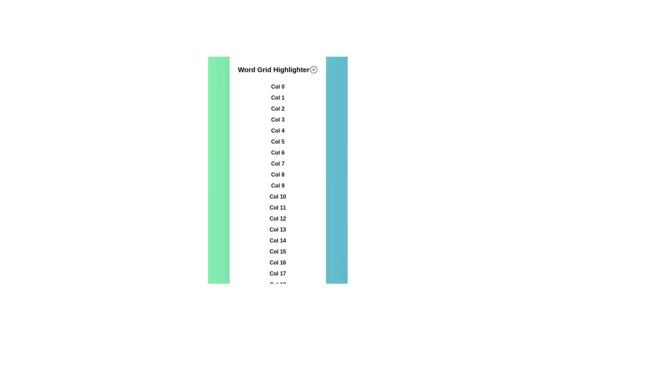 Image resolution: width=659 pixels, height=371 pixels. What do you see at coordinates (313, 70) in the screenshot?
I see `the close button to close the dialog` at bounding box center [313, 70].